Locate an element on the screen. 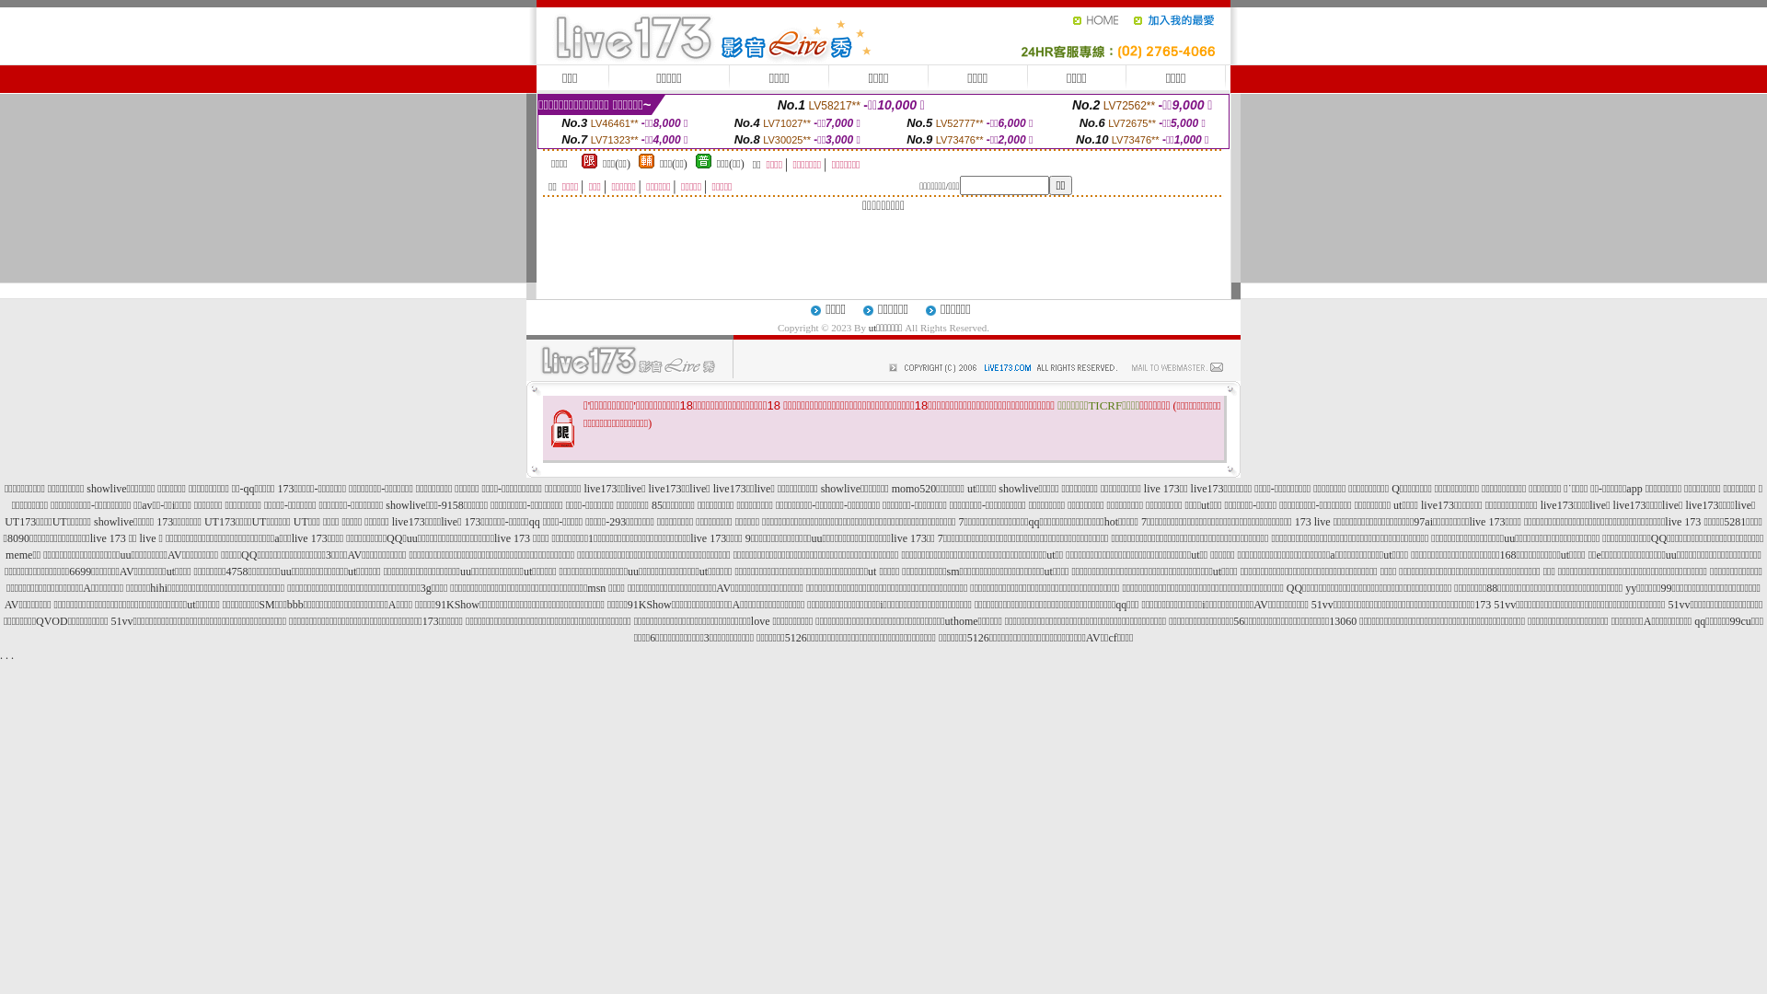  '.' is located at coordinates (5, 654).